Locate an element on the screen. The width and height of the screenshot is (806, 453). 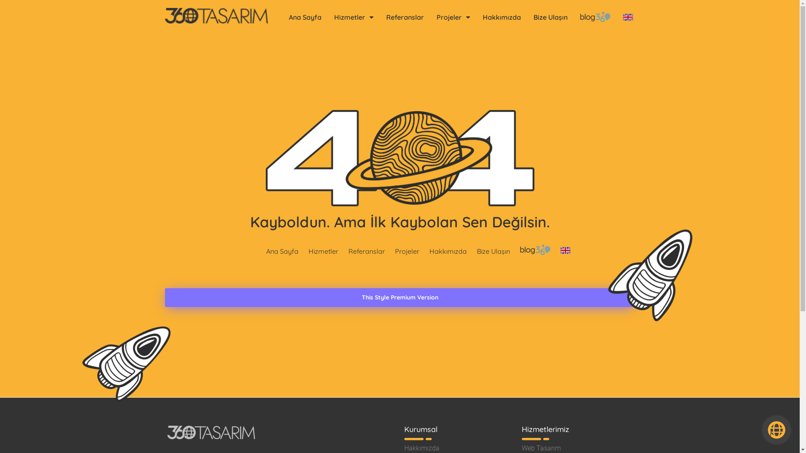
'Hizmetler' is located at coordinates (306, 250).